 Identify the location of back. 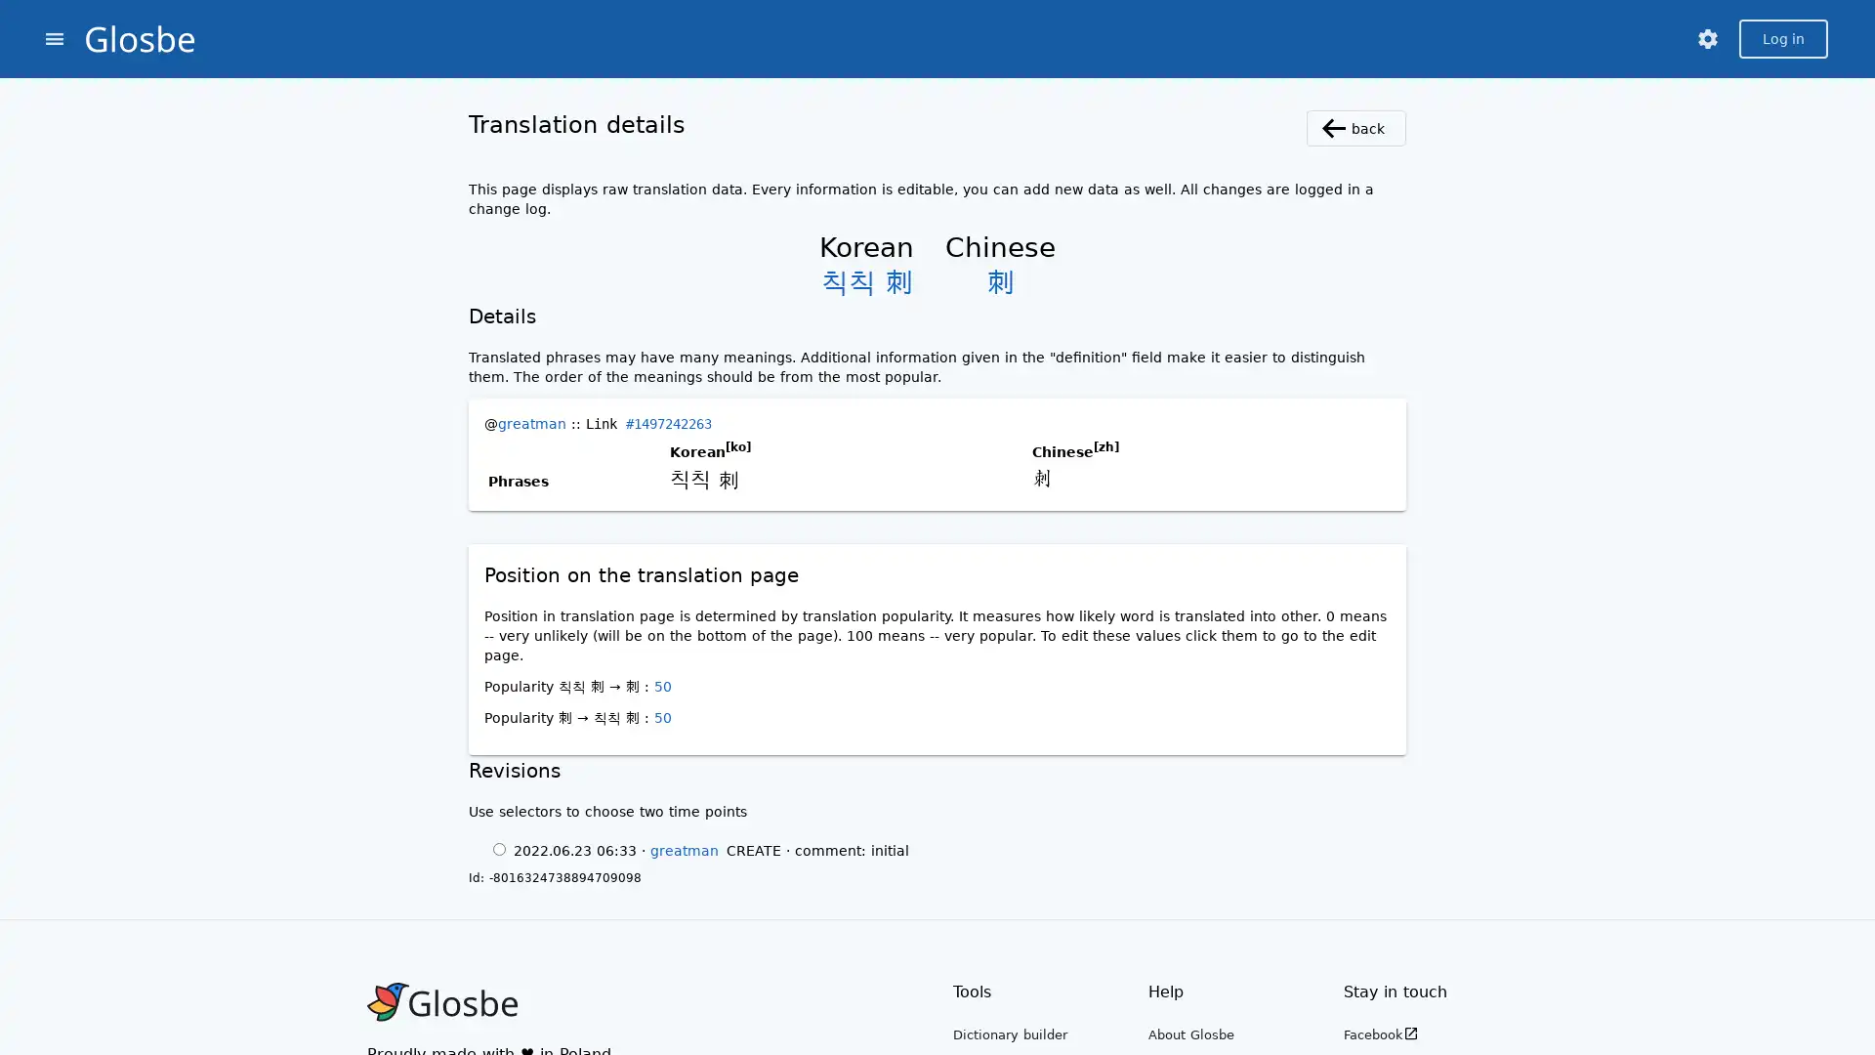
(1354, 128).